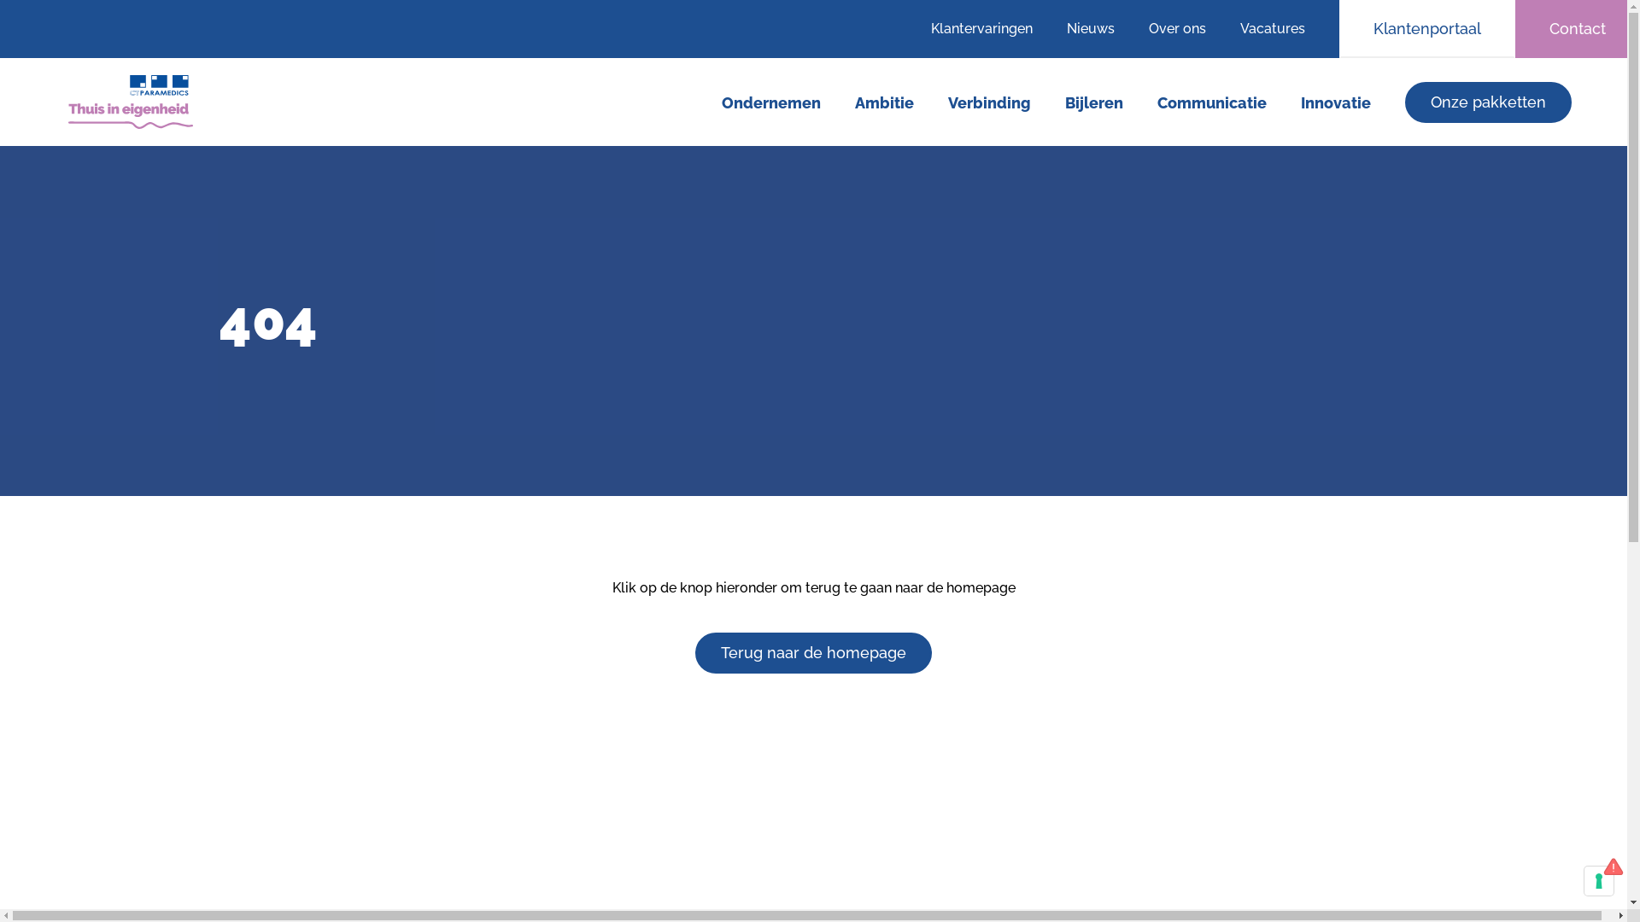 The height and width of the screenshot is (922, 1640). I want to click on 'Vacatures', so click(1280, 29).